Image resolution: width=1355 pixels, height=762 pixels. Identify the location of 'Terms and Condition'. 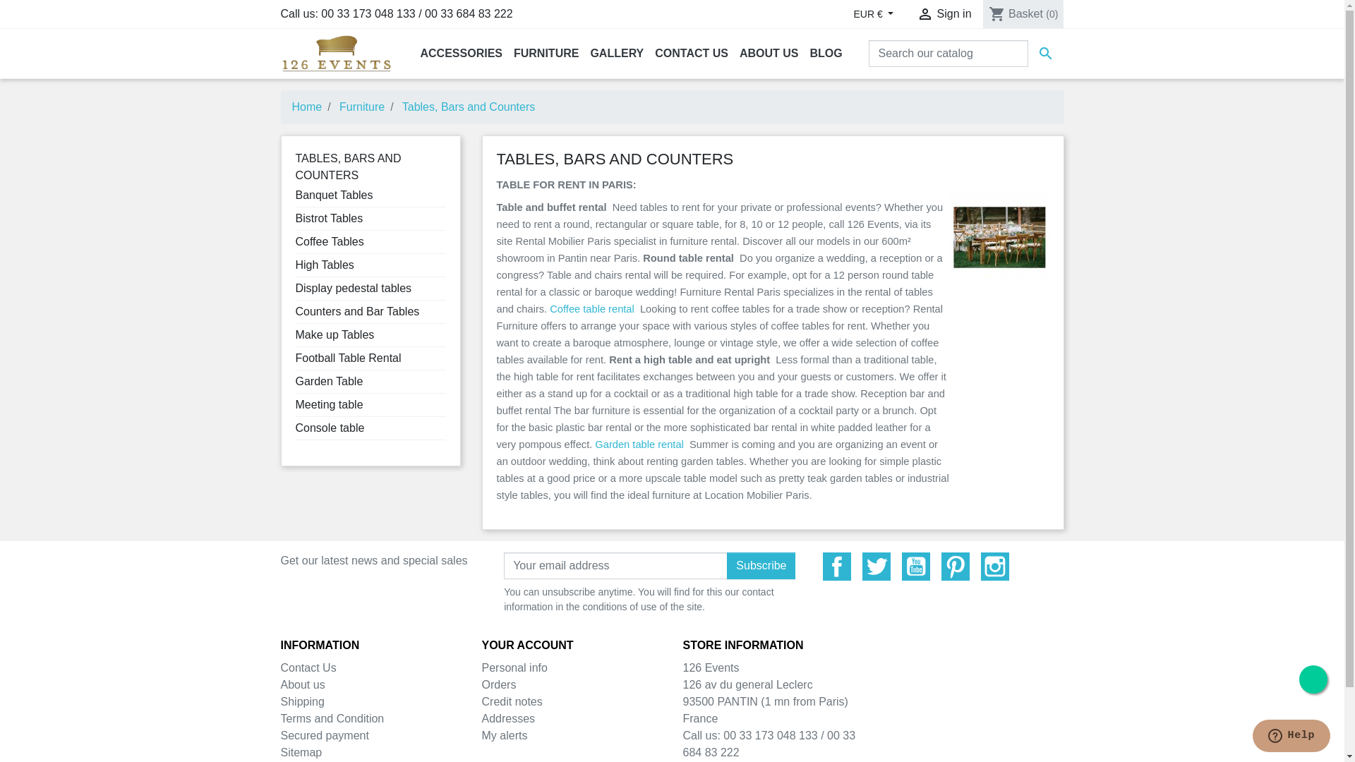
(281, 718).